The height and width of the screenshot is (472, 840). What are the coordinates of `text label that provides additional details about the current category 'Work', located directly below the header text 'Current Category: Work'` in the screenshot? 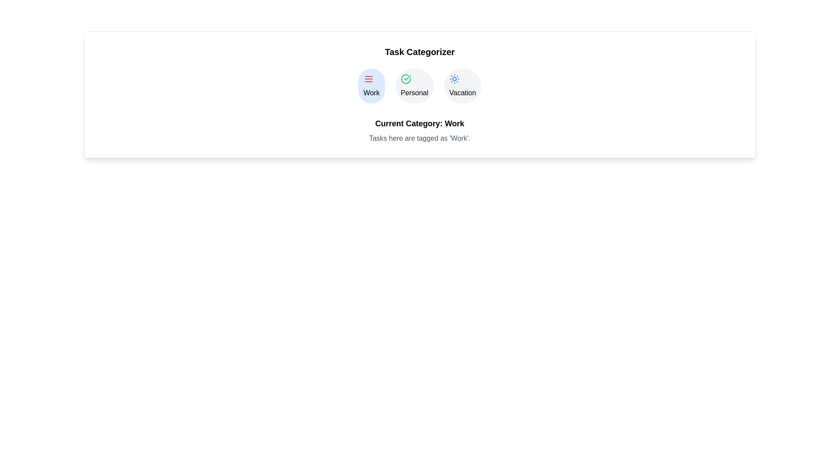 It's located at (419, 138).